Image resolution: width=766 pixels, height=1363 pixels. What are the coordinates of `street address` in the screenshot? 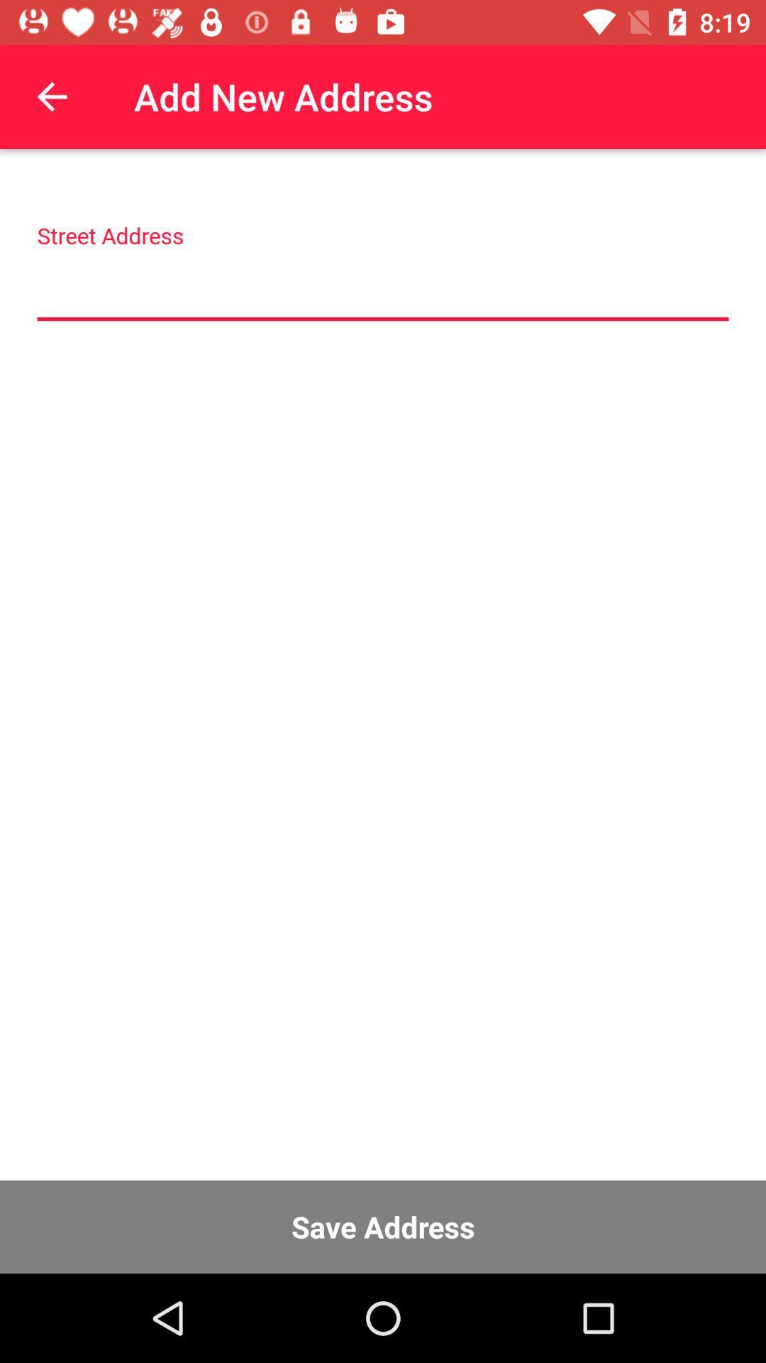 It's located at (383, 288).